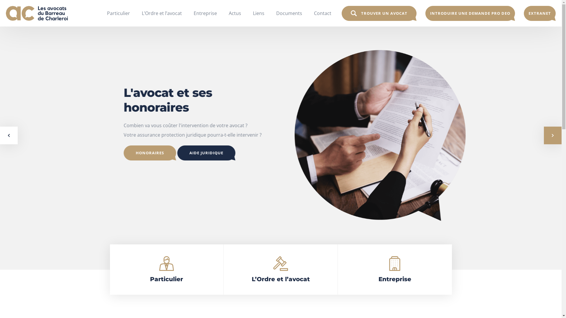 This screenshot has height=318, width=566. Describe the element at coordinates (234, 13) in the screenshot. I see `'Actus'` at that location.